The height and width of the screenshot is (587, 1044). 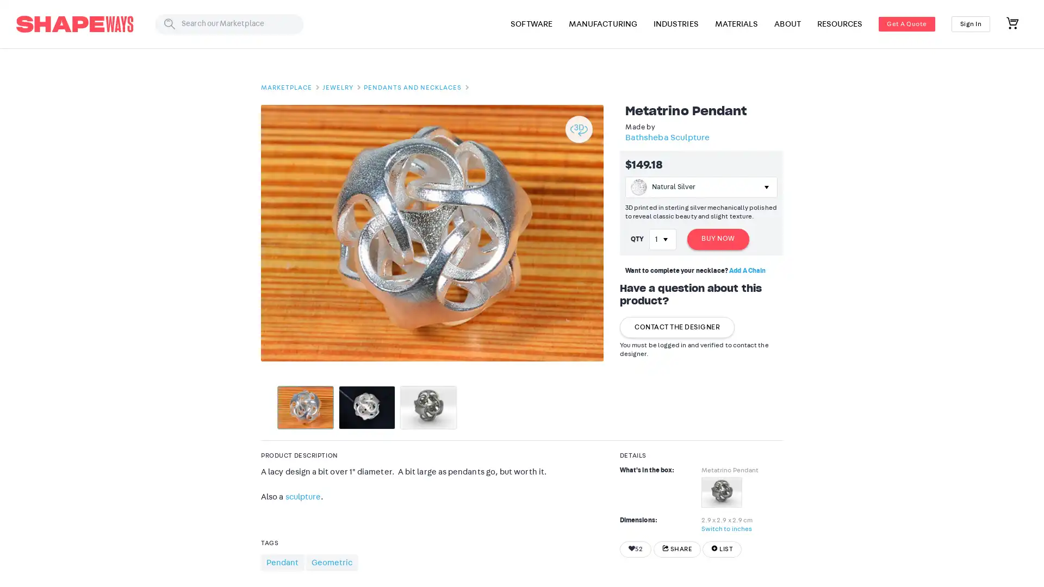 I want to click on BUY NOW, so click(x=718, y=239).